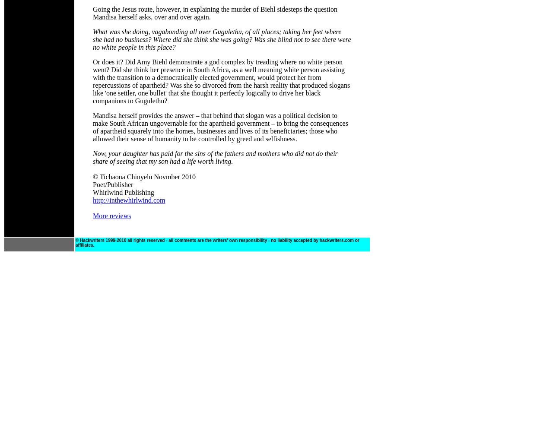  What do you see at coordinates (112, 215) in the screenshot?
I see `'More reviews'` at bounding box center [112, 215].